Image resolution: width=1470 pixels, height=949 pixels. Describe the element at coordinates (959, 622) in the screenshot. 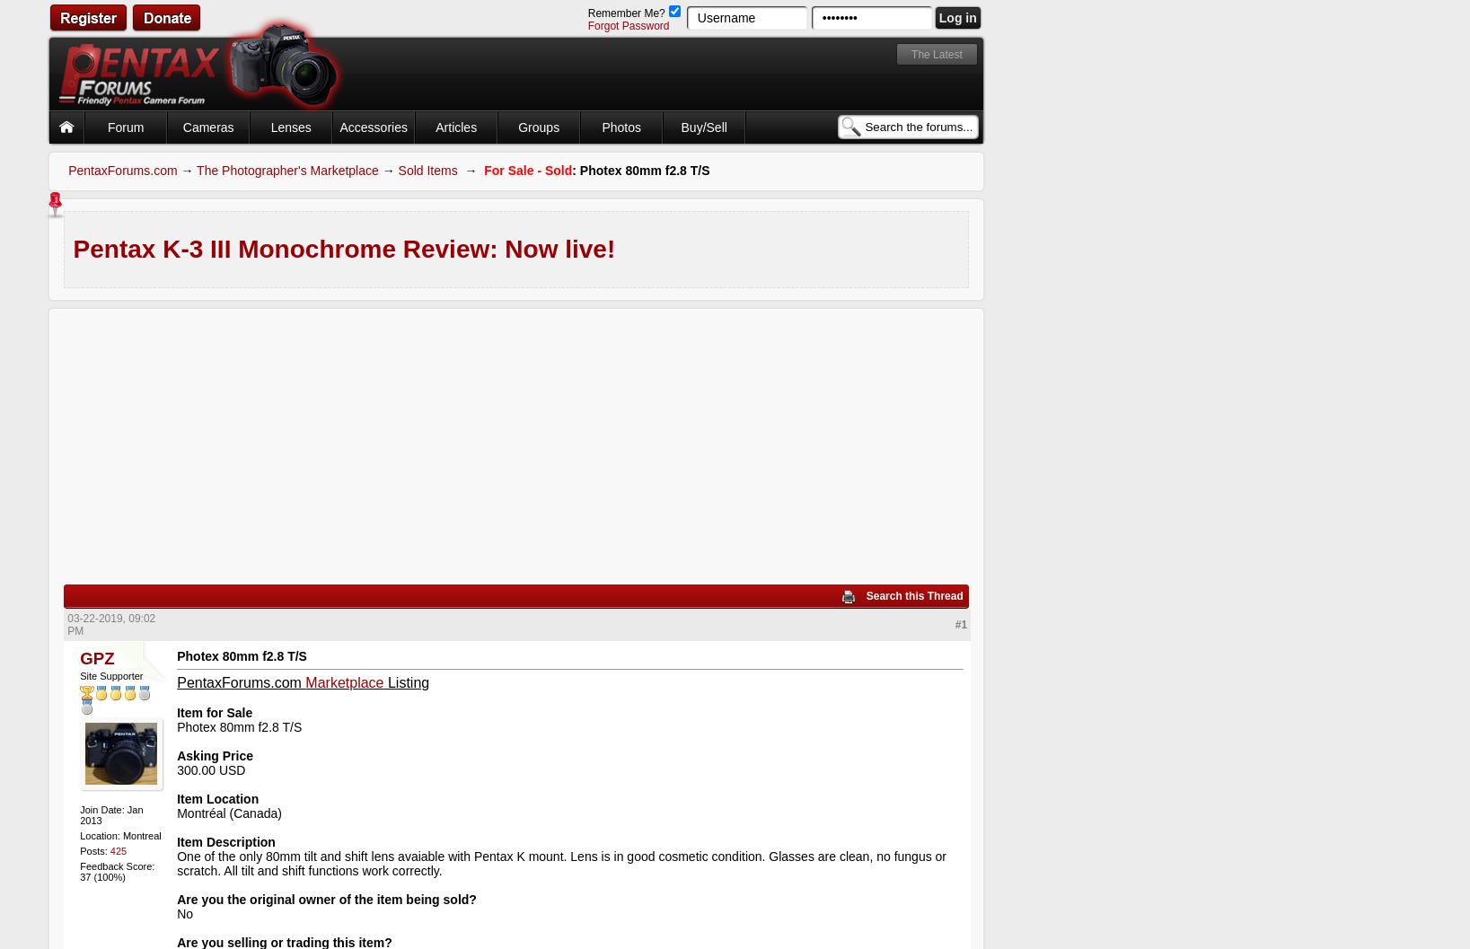

I see `'#1'` at that location.